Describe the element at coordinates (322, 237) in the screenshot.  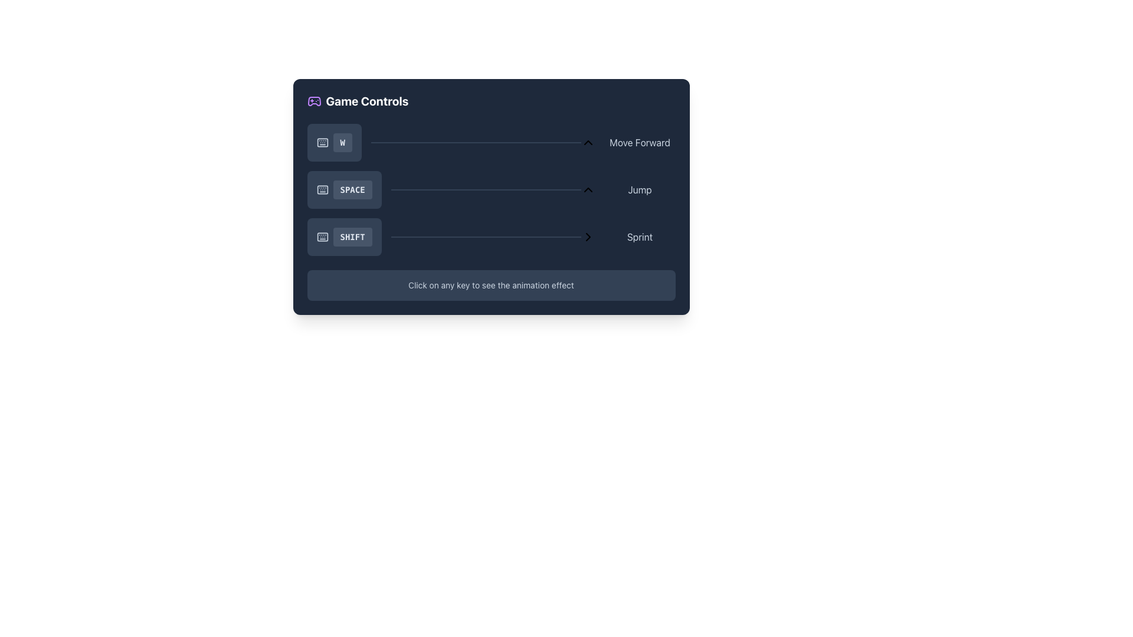
I see `the design of the SVG keyboard graphic component, which is a rectangle with rounded corners located centrally within the keyboard icon` at that location.